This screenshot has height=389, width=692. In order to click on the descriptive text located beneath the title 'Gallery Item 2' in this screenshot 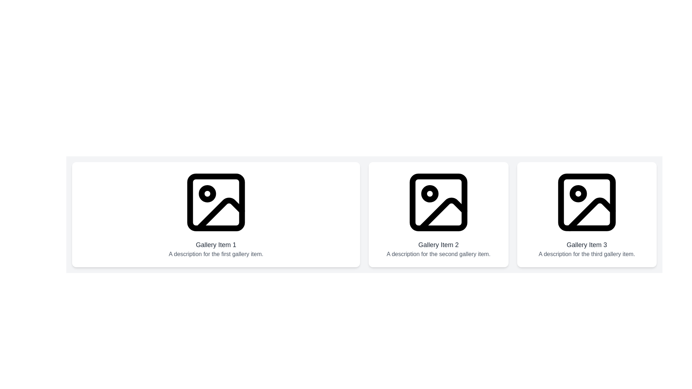, I will do `click(438, 254)`.